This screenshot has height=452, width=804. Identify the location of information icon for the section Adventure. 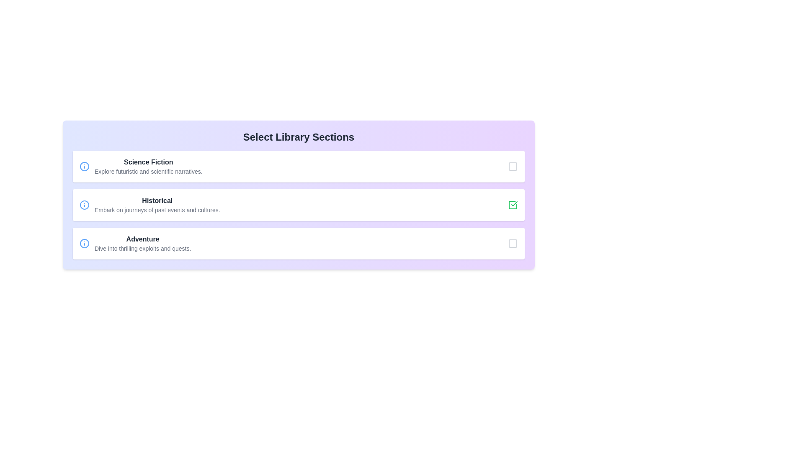
(84, 244).